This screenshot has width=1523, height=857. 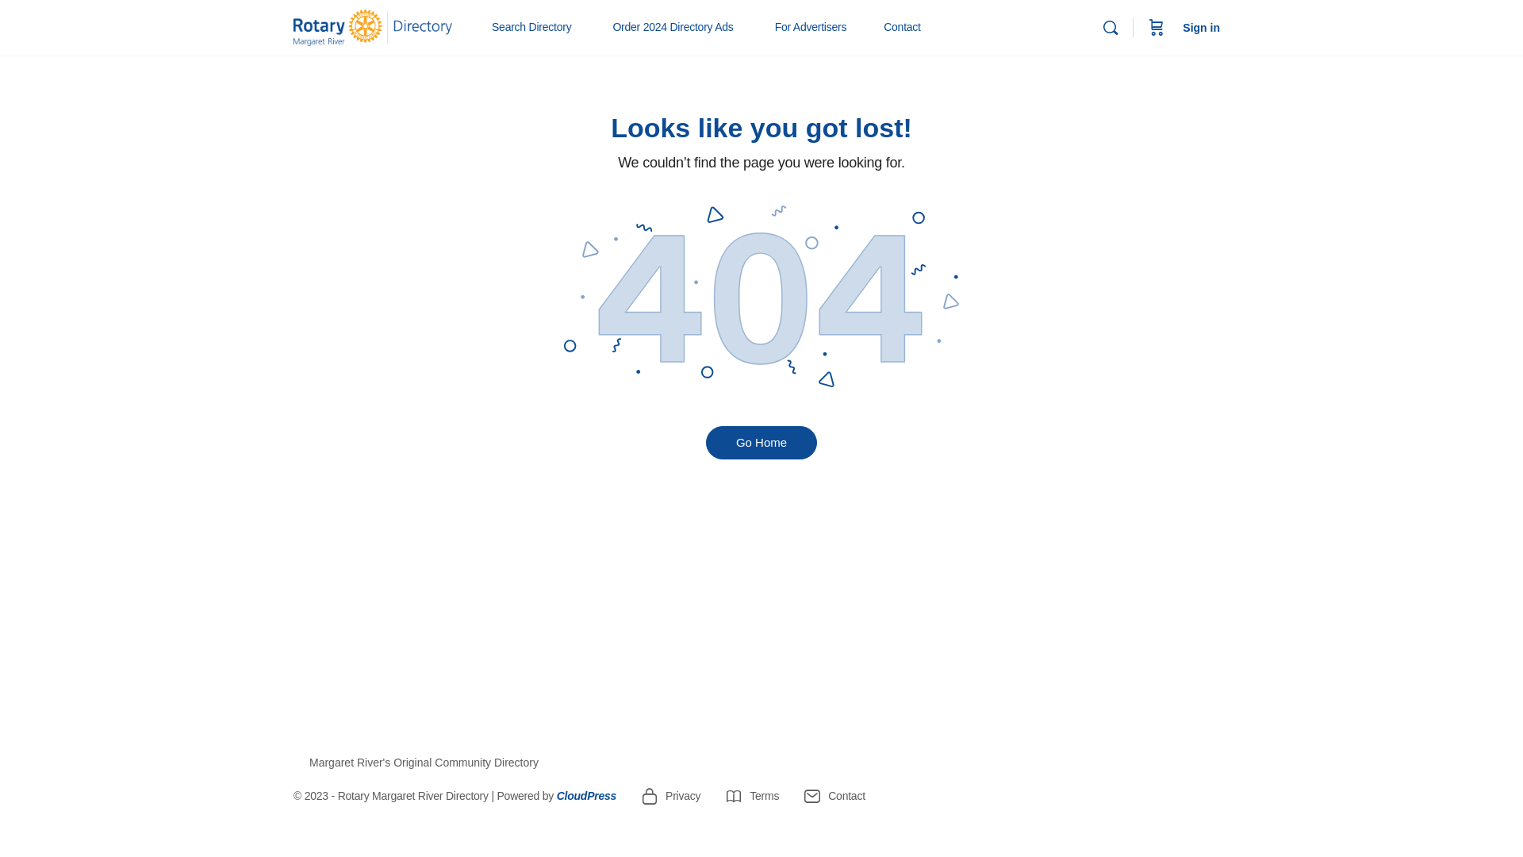 I want to click on 'Order 2024 Directory Ads', so click(x=604, y=27).